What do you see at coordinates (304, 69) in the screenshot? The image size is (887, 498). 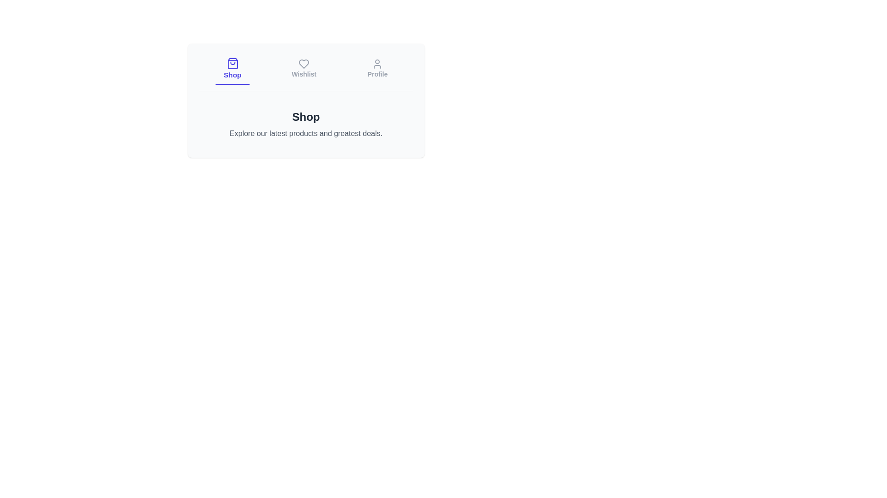 I see `the Wishlist tab` at bounding box center [304, 69].